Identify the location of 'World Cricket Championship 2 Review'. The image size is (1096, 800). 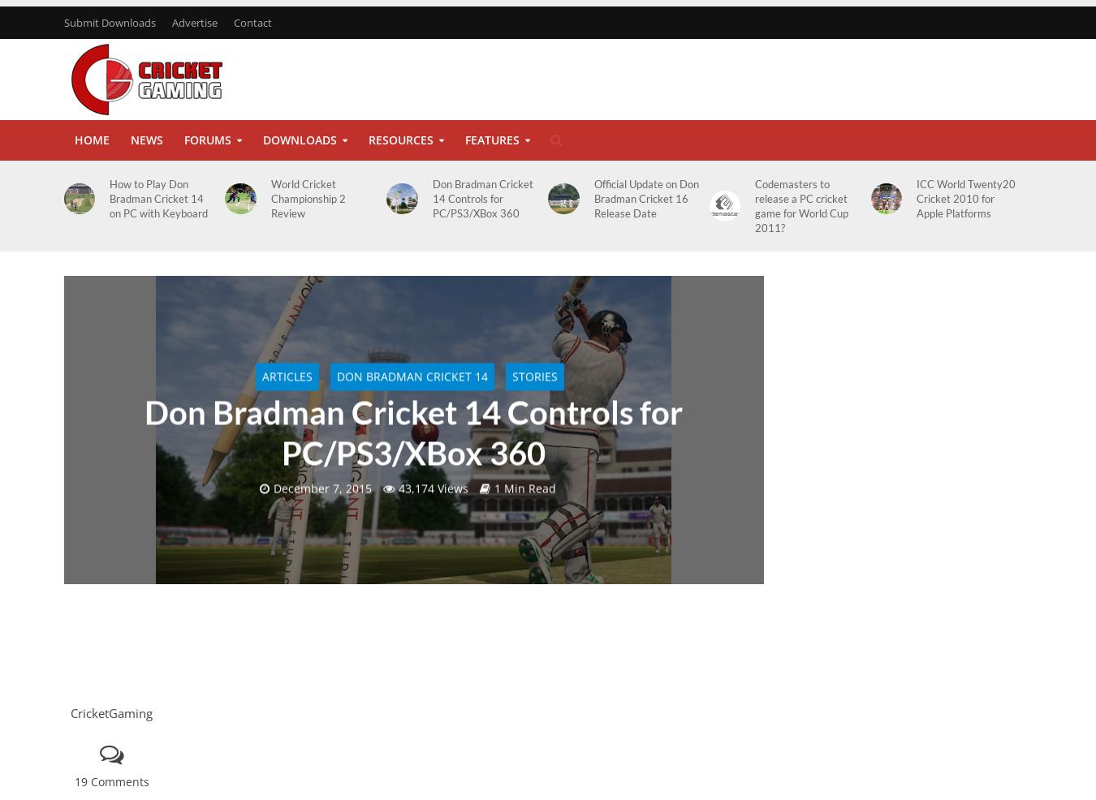
(307, 198).